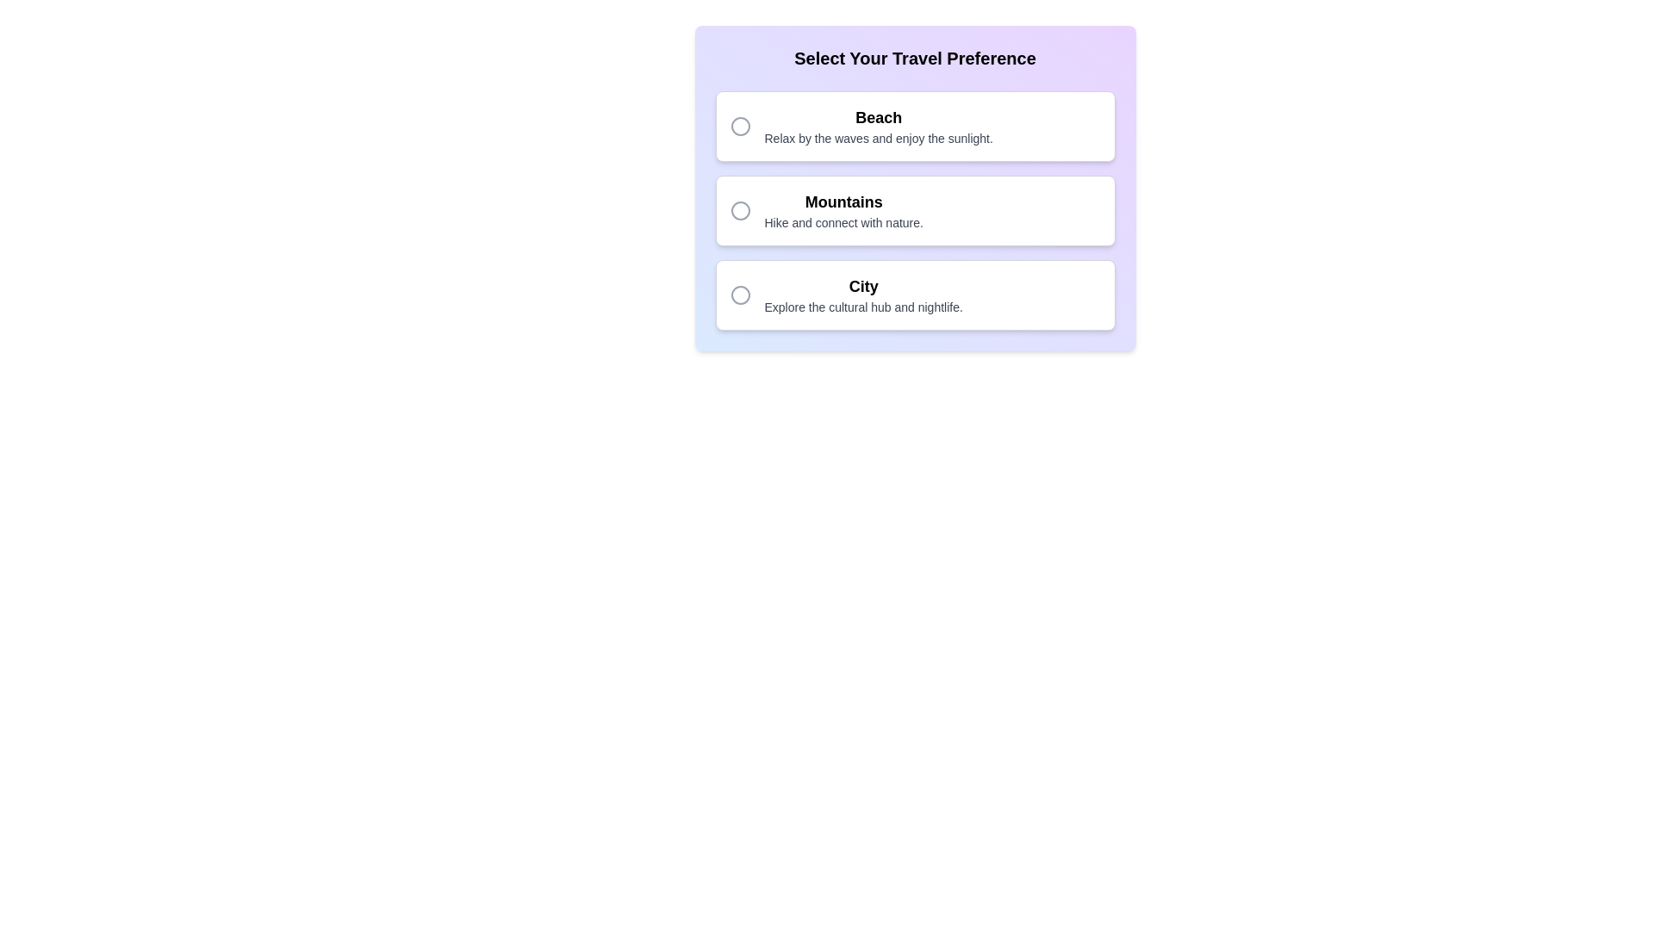  Describe the element at coordinates (879, 117) in the screenshot. I see `the title/header text for the 'Beach' travel preference option, which is visually distinct and located in the first option card under the 'Select Your Travel Preference' section` at that location.